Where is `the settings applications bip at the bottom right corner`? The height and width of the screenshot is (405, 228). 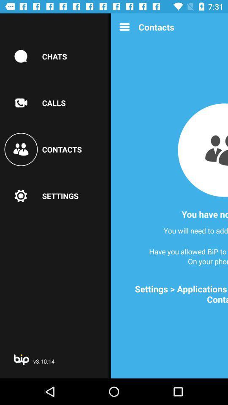 the settings applications bip at the bottom right corner is located at coordinates (171, 294).